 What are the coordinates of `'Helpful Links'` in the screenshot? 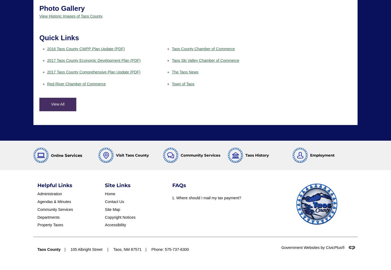 It's located at (37, 185).